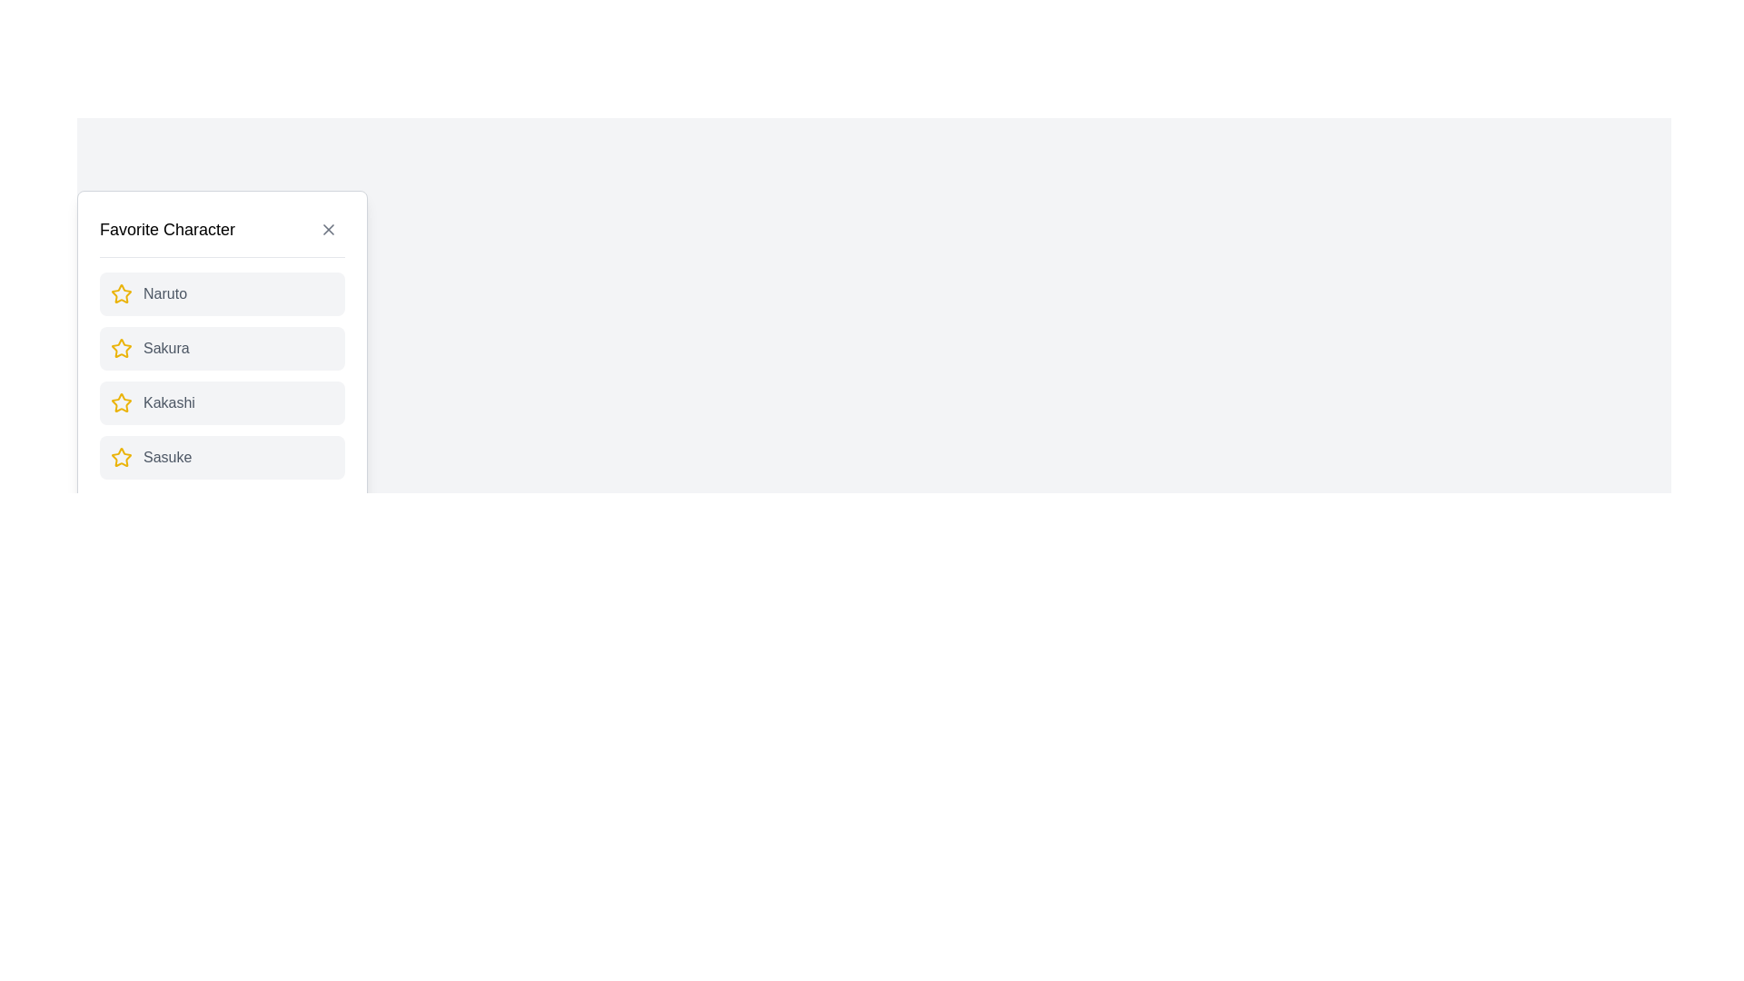 The width and height of the screenshot is (1744, 981). What do you see at coordinates (121, 348) in the screenshot?
I see `the bright yellow star-shaped icon associated with the text label 'Sakura'` at bounding box center [121, 348].